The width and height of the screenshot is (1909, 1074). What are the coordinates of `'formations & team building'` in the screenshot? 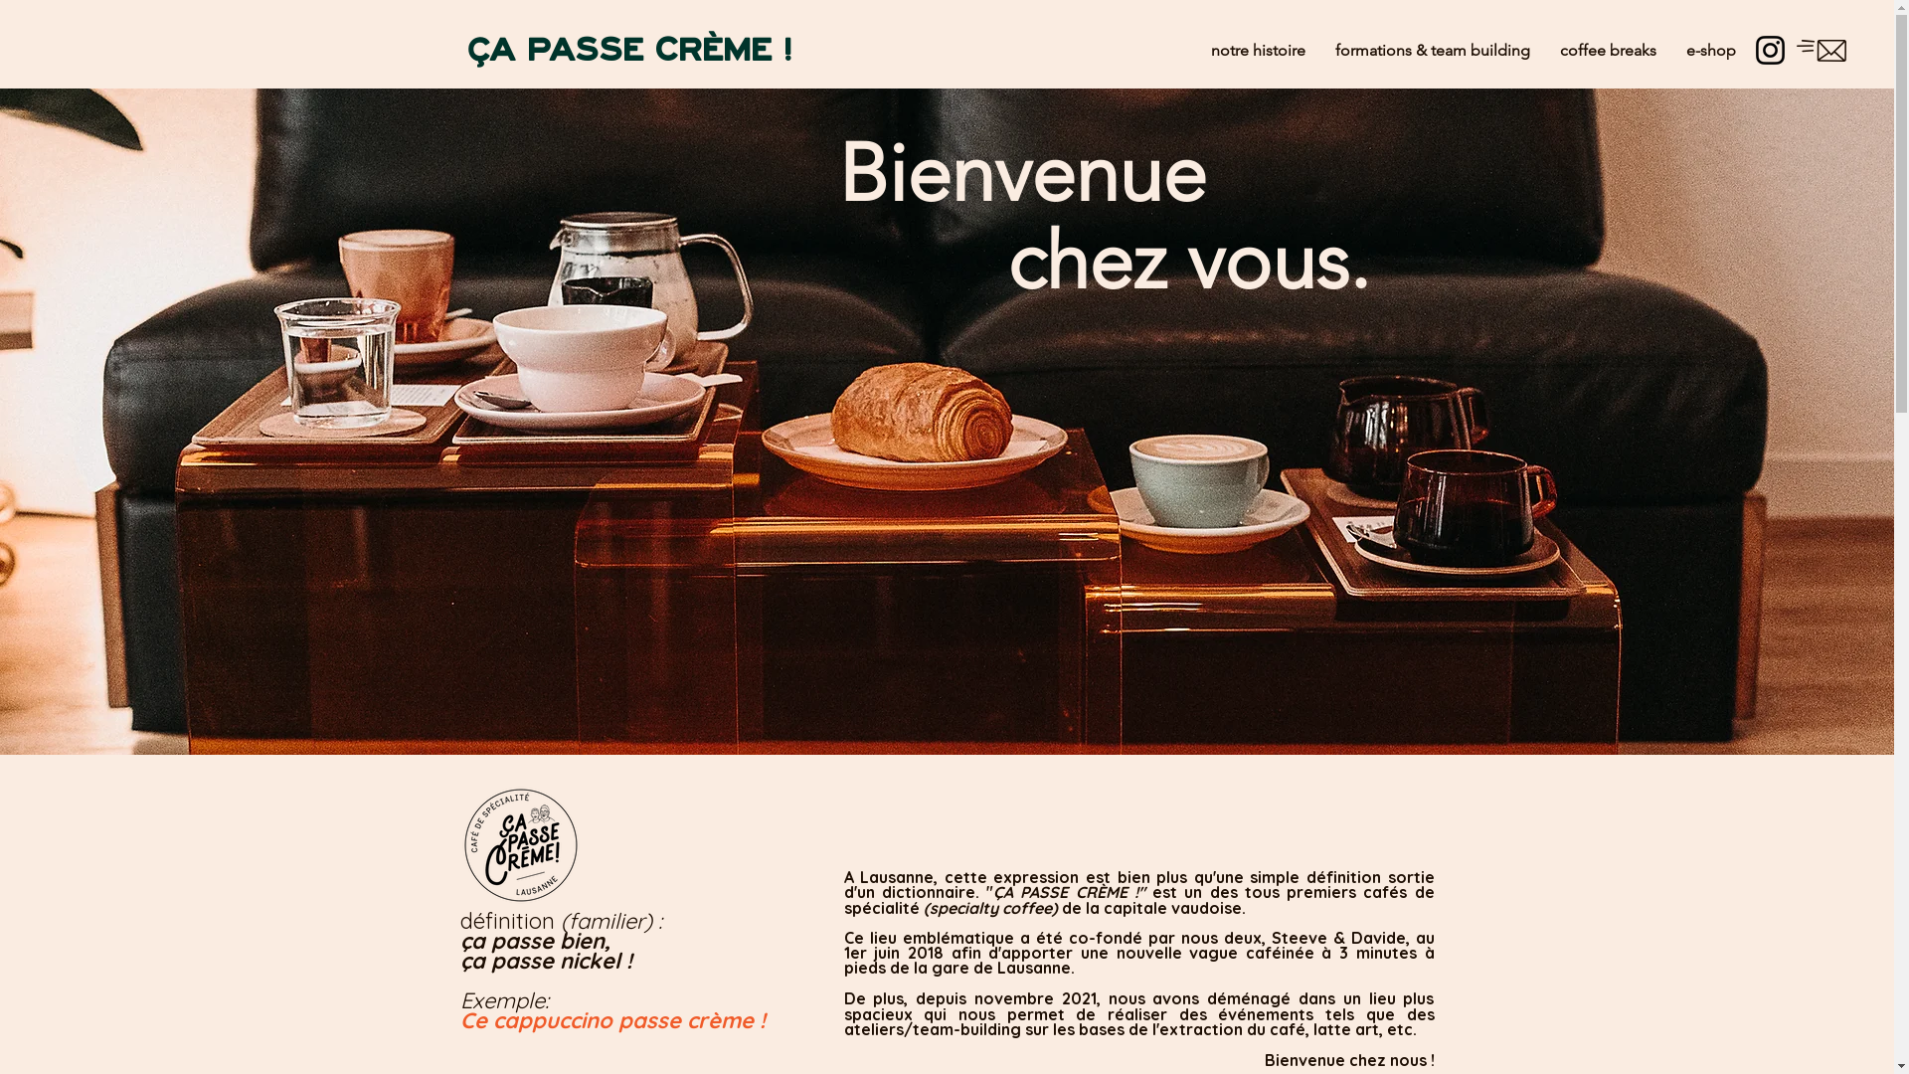 It's located at (1432, 49).